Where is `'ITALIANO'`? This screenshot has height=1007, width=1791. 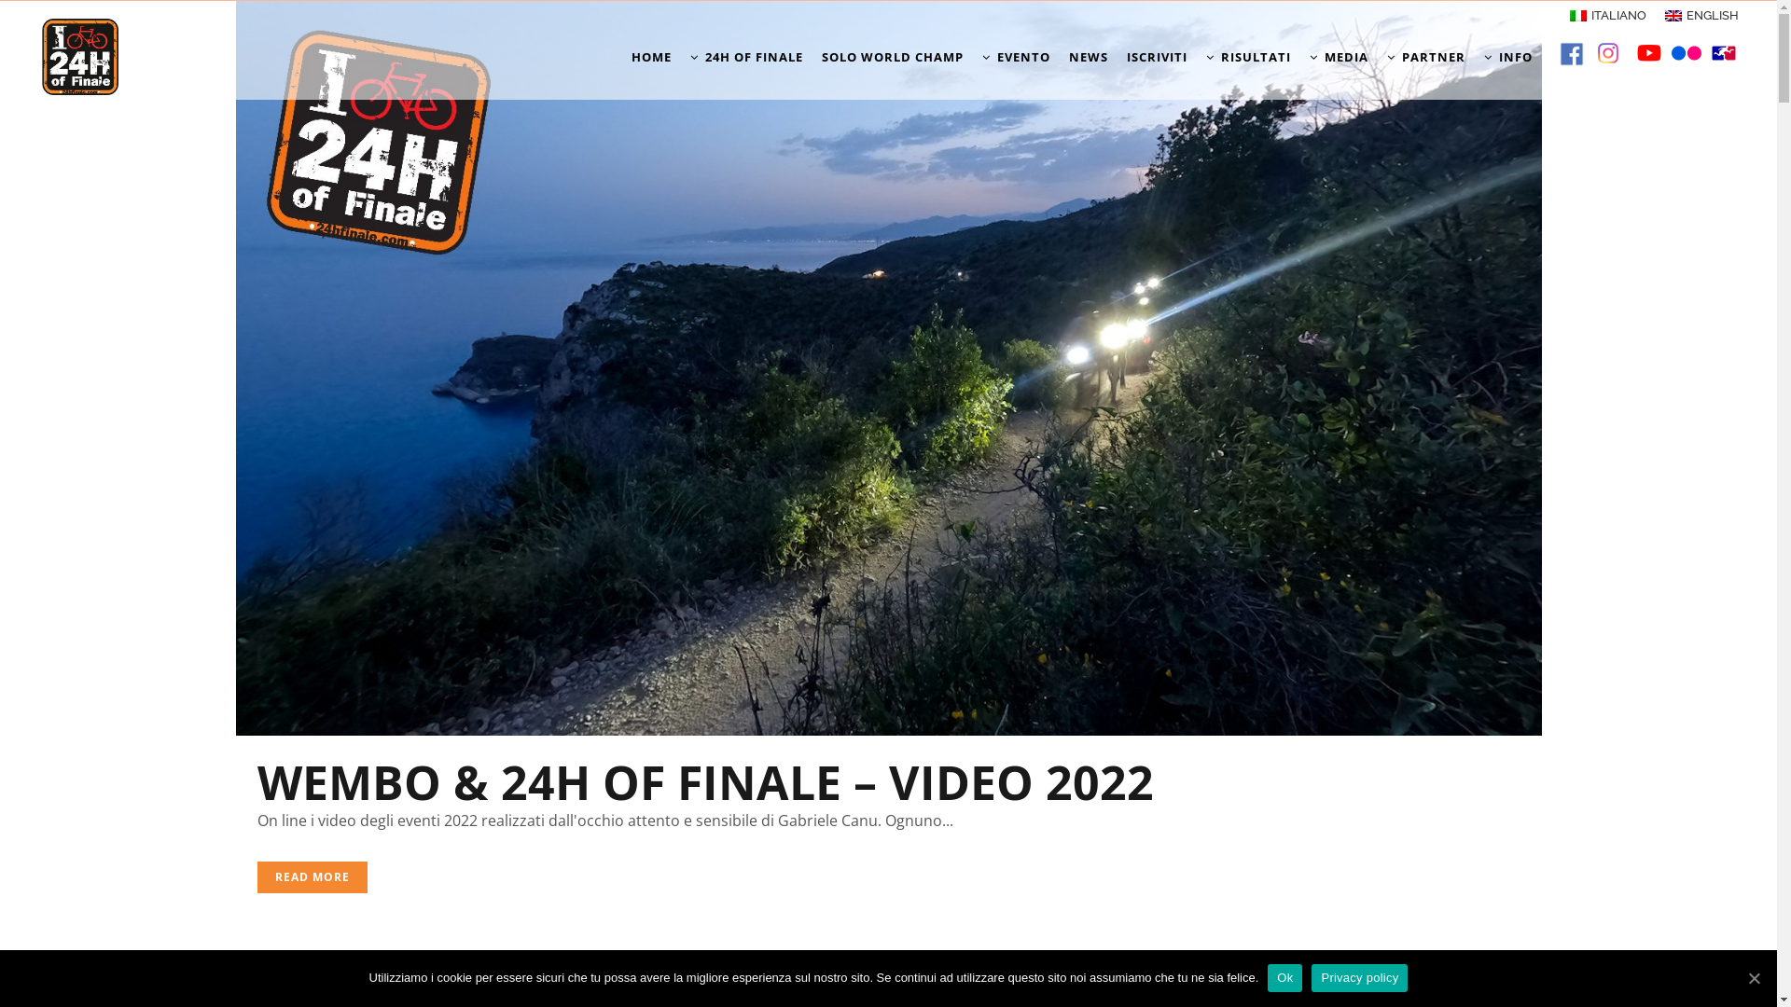 'ITALIANO' is located at coordinates (1606, 14).